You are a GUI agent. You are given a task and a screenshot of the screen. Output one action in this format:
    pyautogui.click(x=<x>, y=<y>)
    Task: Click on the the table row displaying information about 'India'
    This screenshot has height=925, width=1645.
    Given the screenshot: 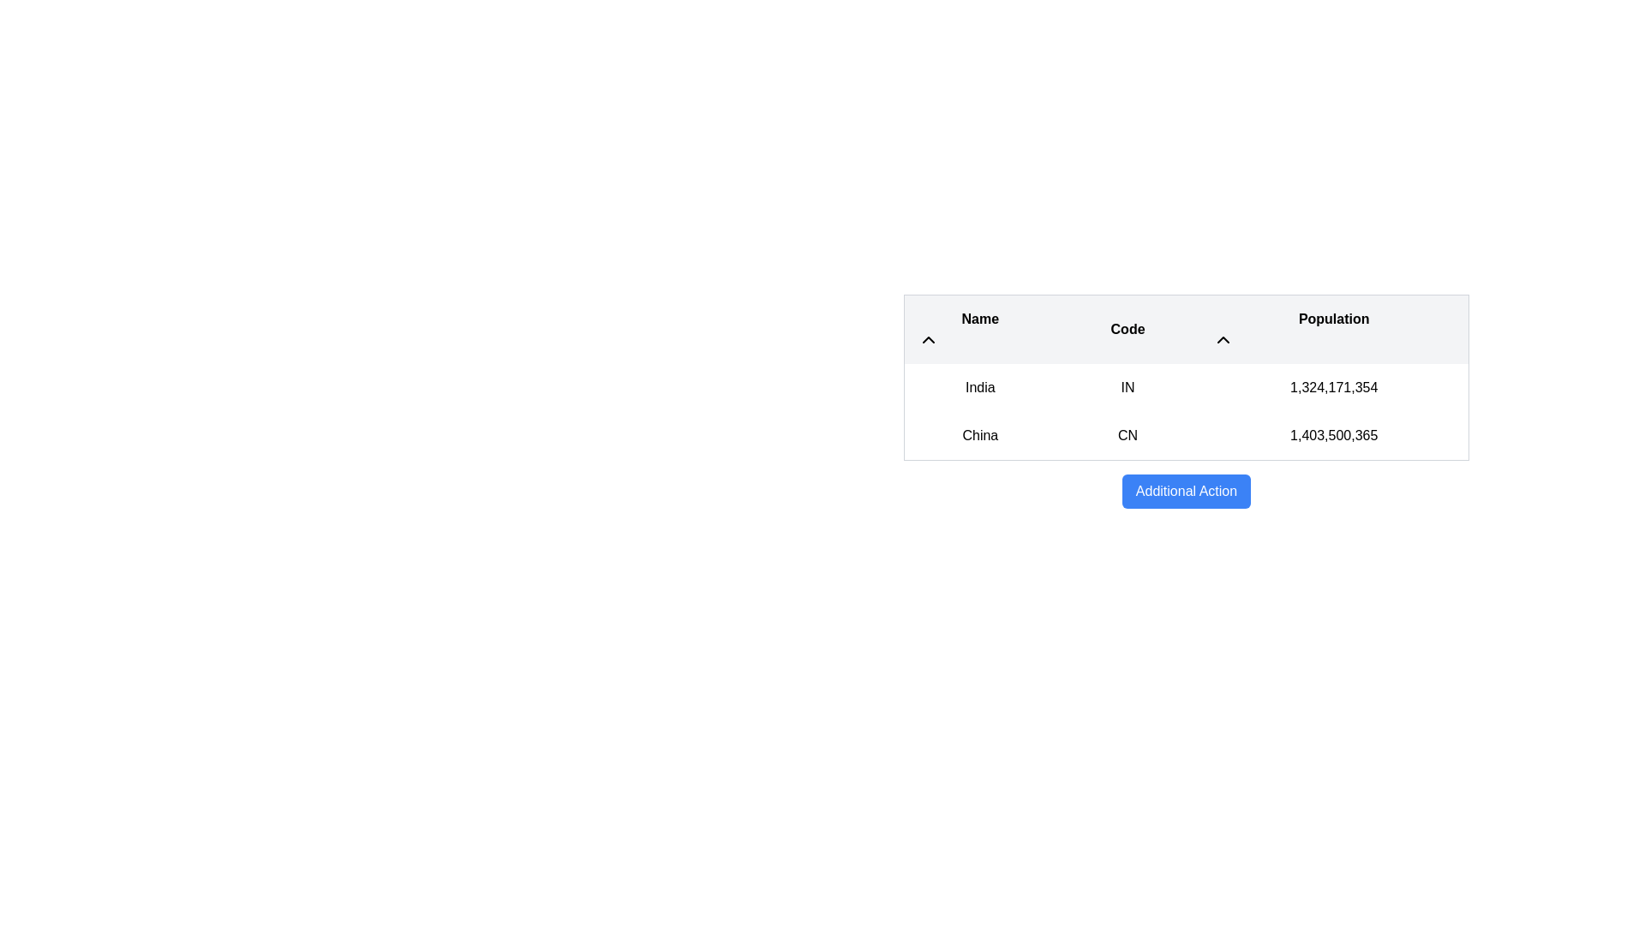 What is the action you would take?
    pyautogui.click(x=1186, y=387)
    